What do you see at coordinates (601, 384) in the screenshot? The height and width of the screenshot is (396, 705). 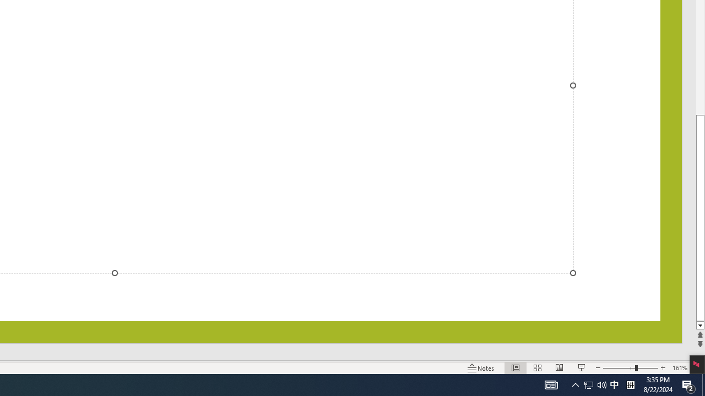 I see `'User Promoted Notification Area'` at bounding box center [601, 384].